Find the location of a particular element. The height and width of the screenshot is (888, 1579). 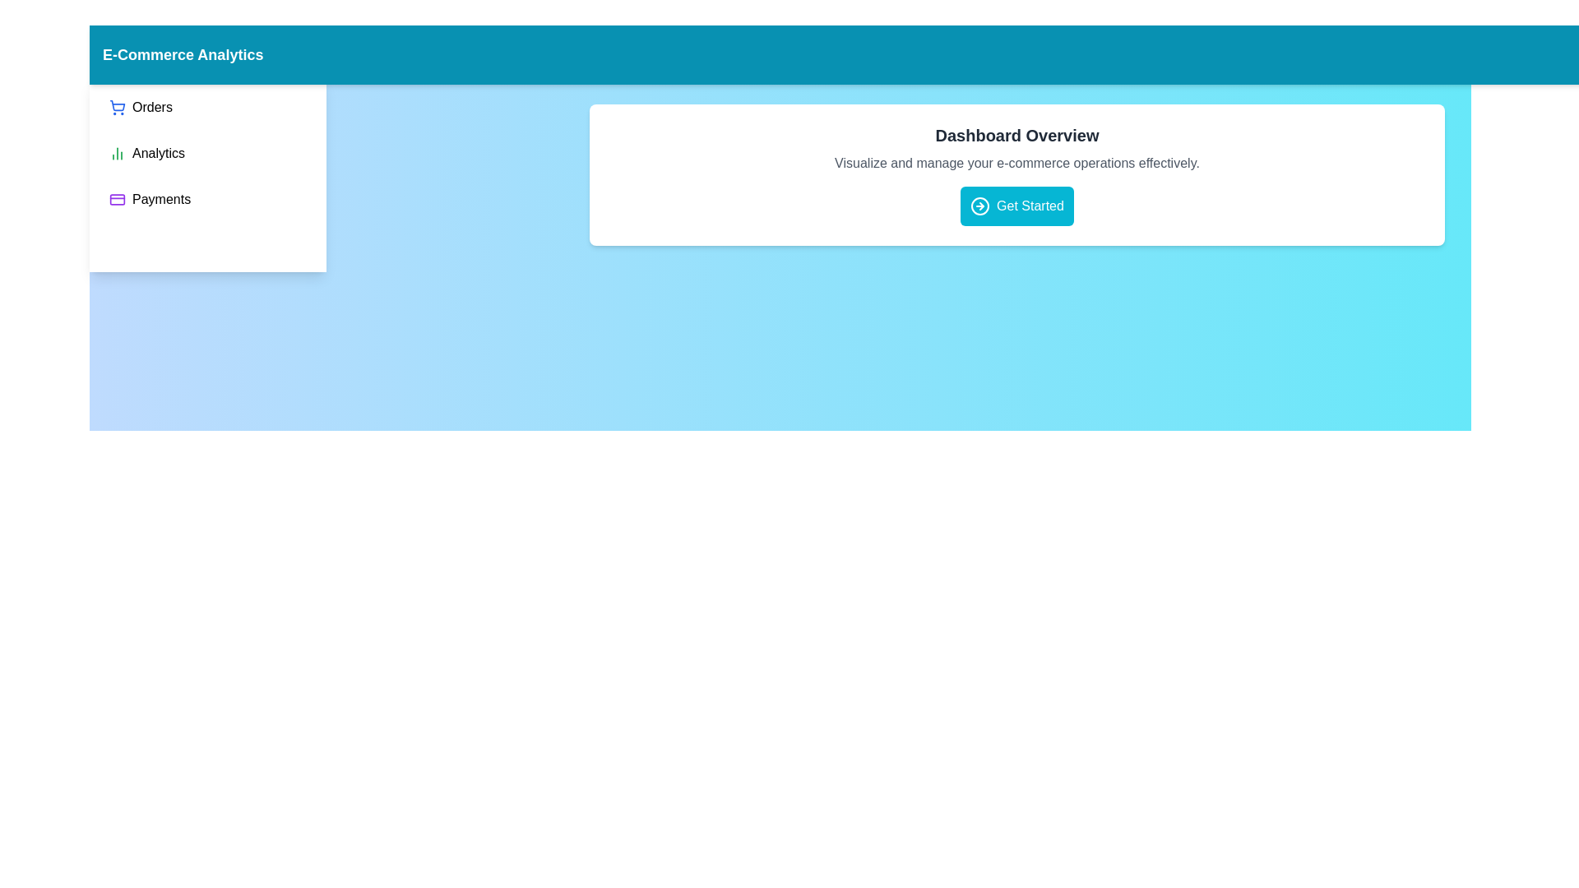

the prominent cyan button labeled 'Get Started' with a right arrow icon, located in the center of the card-like section below the 'Dashboard Overview' heading is located at coordinates (1016, 205).